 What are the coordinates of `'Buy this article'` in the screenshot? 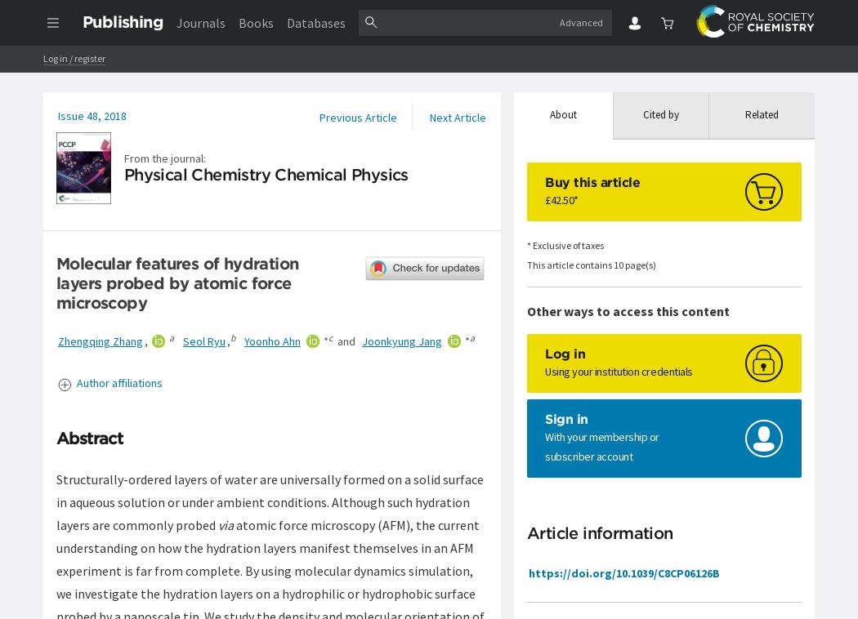 It's located at (543, 182).